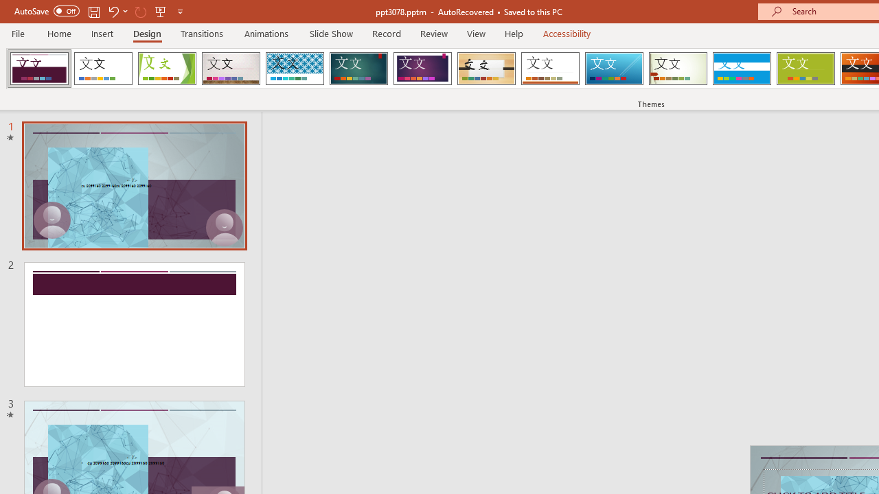 This screenshot has height=494, width=879. What do you see at coordinates (678, 69) in the screenshot?
I see `'Wisp'` at bounding box center [678, 69].